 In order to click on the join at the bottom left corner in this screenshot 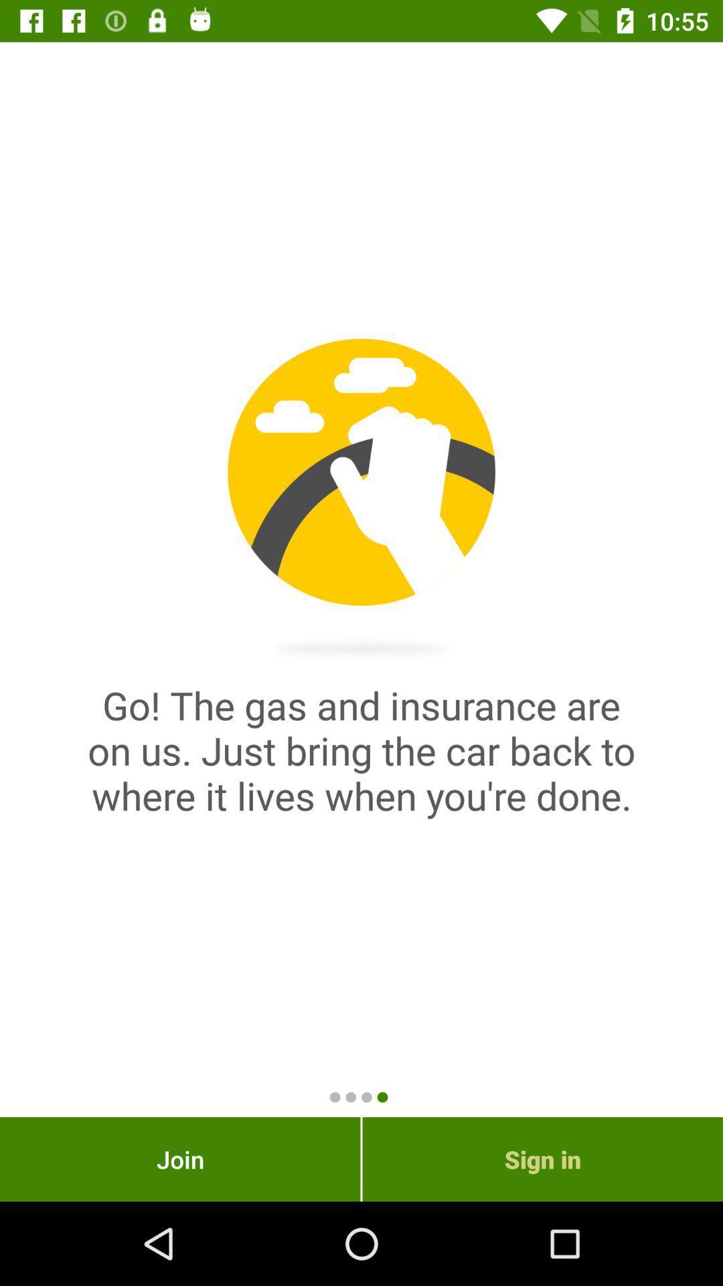, I will do `click(179, 1159)`.